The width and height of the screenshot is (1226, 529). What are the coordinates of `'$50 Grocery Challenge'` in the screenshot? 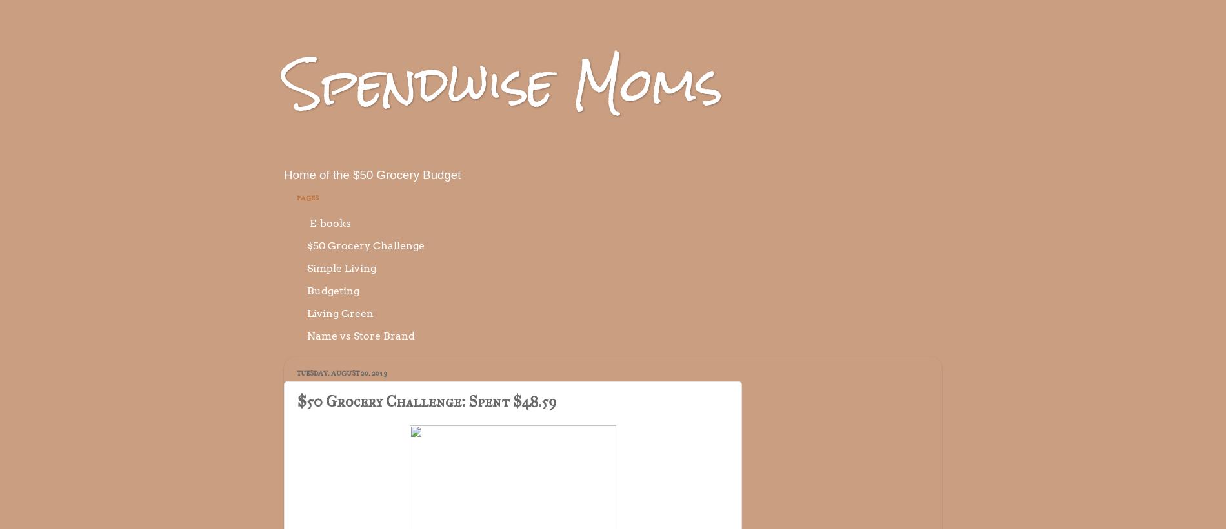 It's located at (365, 244).